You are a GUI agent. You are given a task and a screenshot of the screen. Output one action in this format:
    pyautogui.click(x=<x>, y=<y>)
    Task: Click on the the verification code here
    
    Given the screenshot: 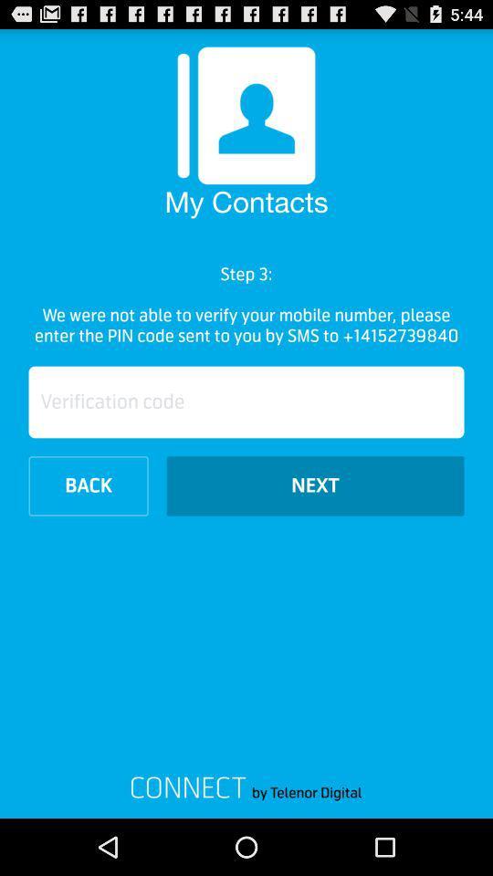 What is the action you would take?
    pyautogui.click(x=246, y=401)
    